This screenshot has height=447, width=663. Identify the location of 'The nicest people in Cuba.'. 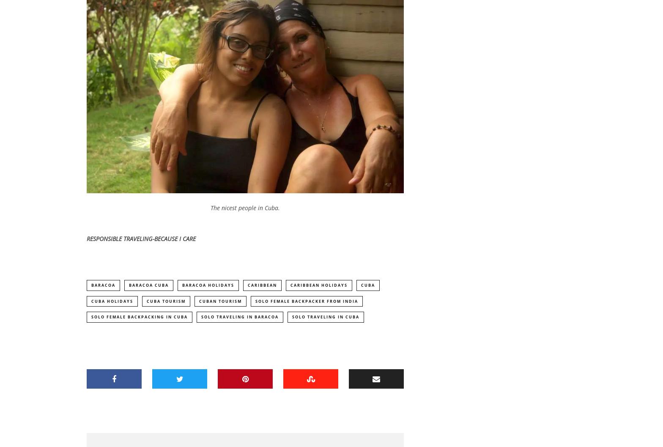
(245, 208).